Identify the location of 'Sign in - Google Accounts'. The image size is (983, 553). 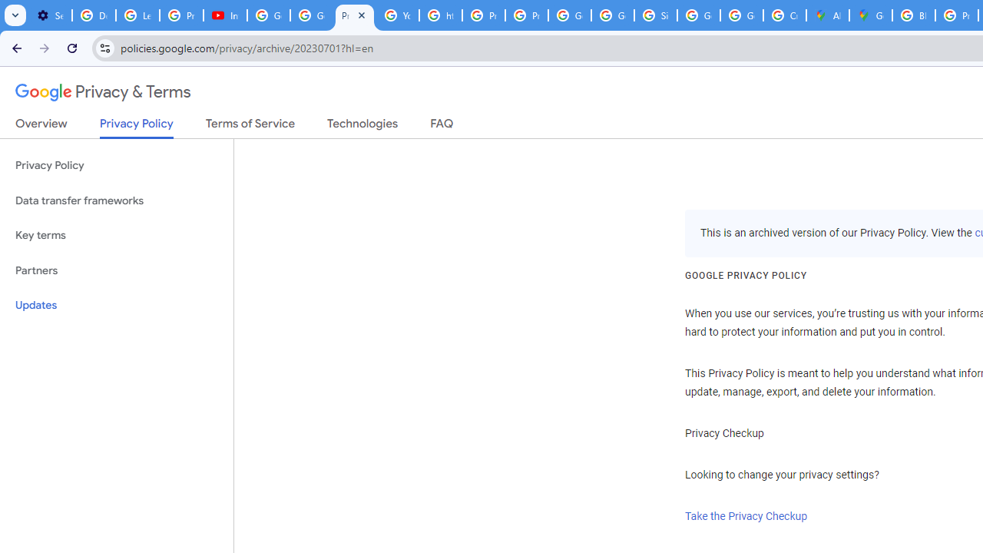
(655, 15).